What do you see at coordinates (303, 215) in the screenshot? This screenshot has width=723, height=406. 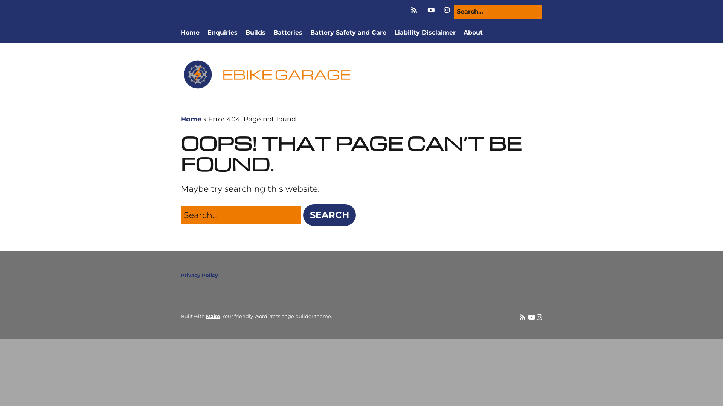 I see `'Search'` at bounding box center [303, 215].